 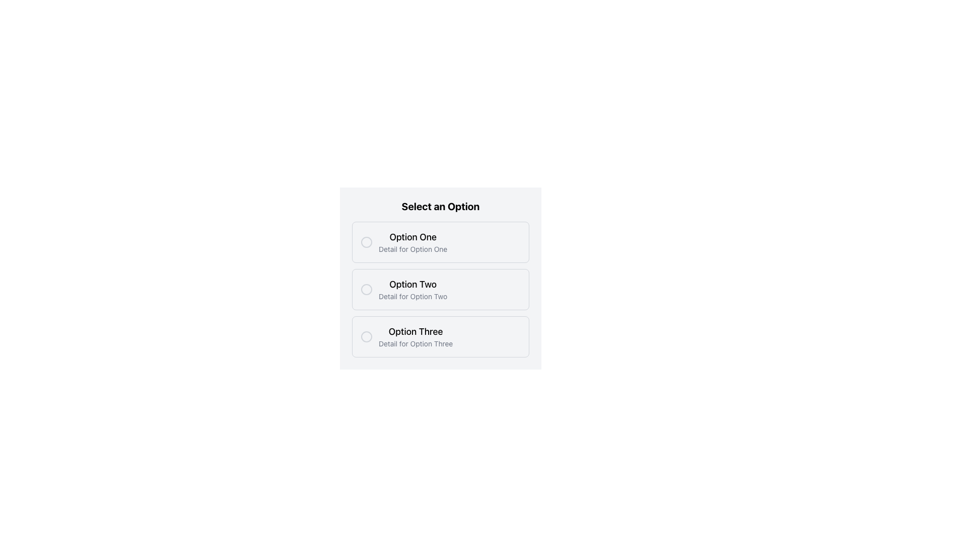 What do you see at coordinates (366, 289) in the screenshot?
I see `the circular part of the radio button associated with 'Option Two'` at bounding box center [366, 289].